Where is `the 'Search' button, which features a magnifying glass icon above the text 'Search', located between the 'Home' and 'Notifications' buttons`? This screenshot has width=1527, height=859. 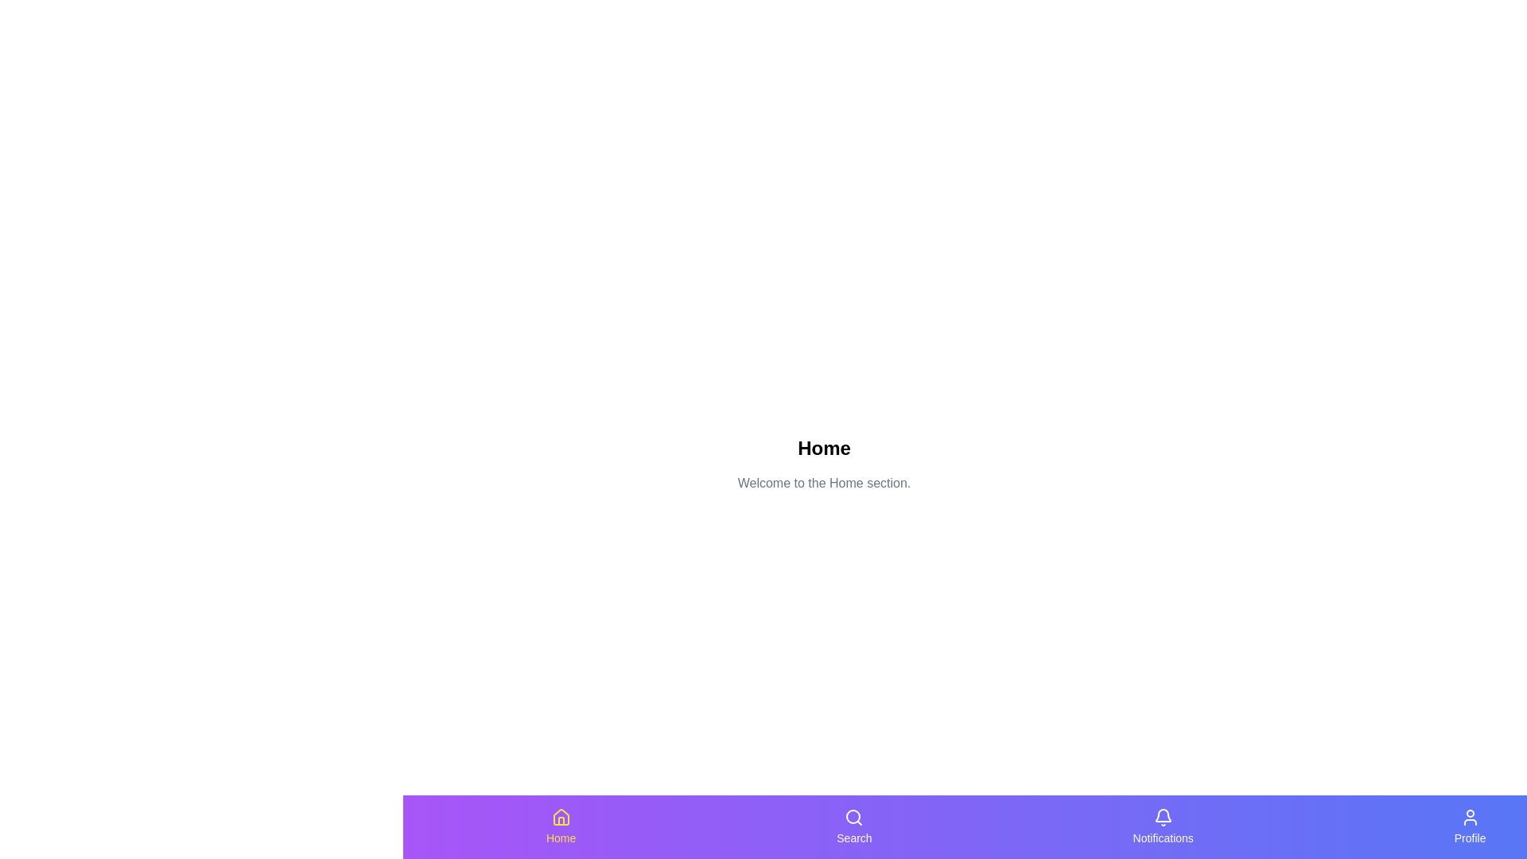 the 'Search' button, which features a magnifying glass icon above the text 'Search', located between the 'Home' and 'Notifications' buttons is located at coordinates (853, 826).